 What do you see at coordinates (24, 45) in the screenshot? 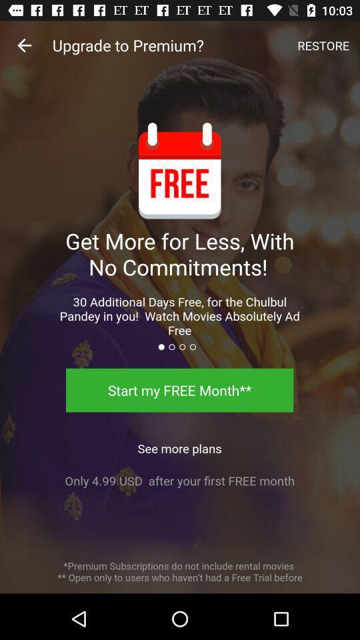
I see `the item at the top left corner` at bounding box center [24, 45].